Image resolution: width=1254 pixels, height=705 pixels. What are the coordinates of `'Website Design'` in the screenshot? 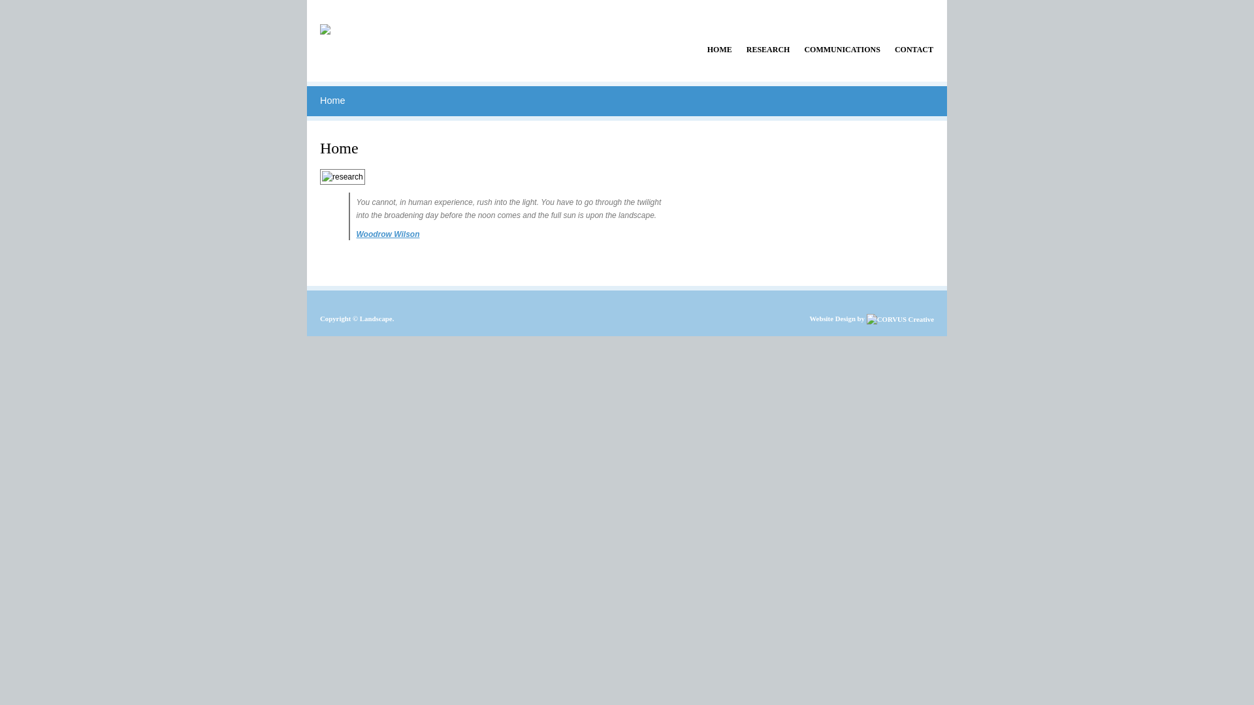 It's located at (831, 319).